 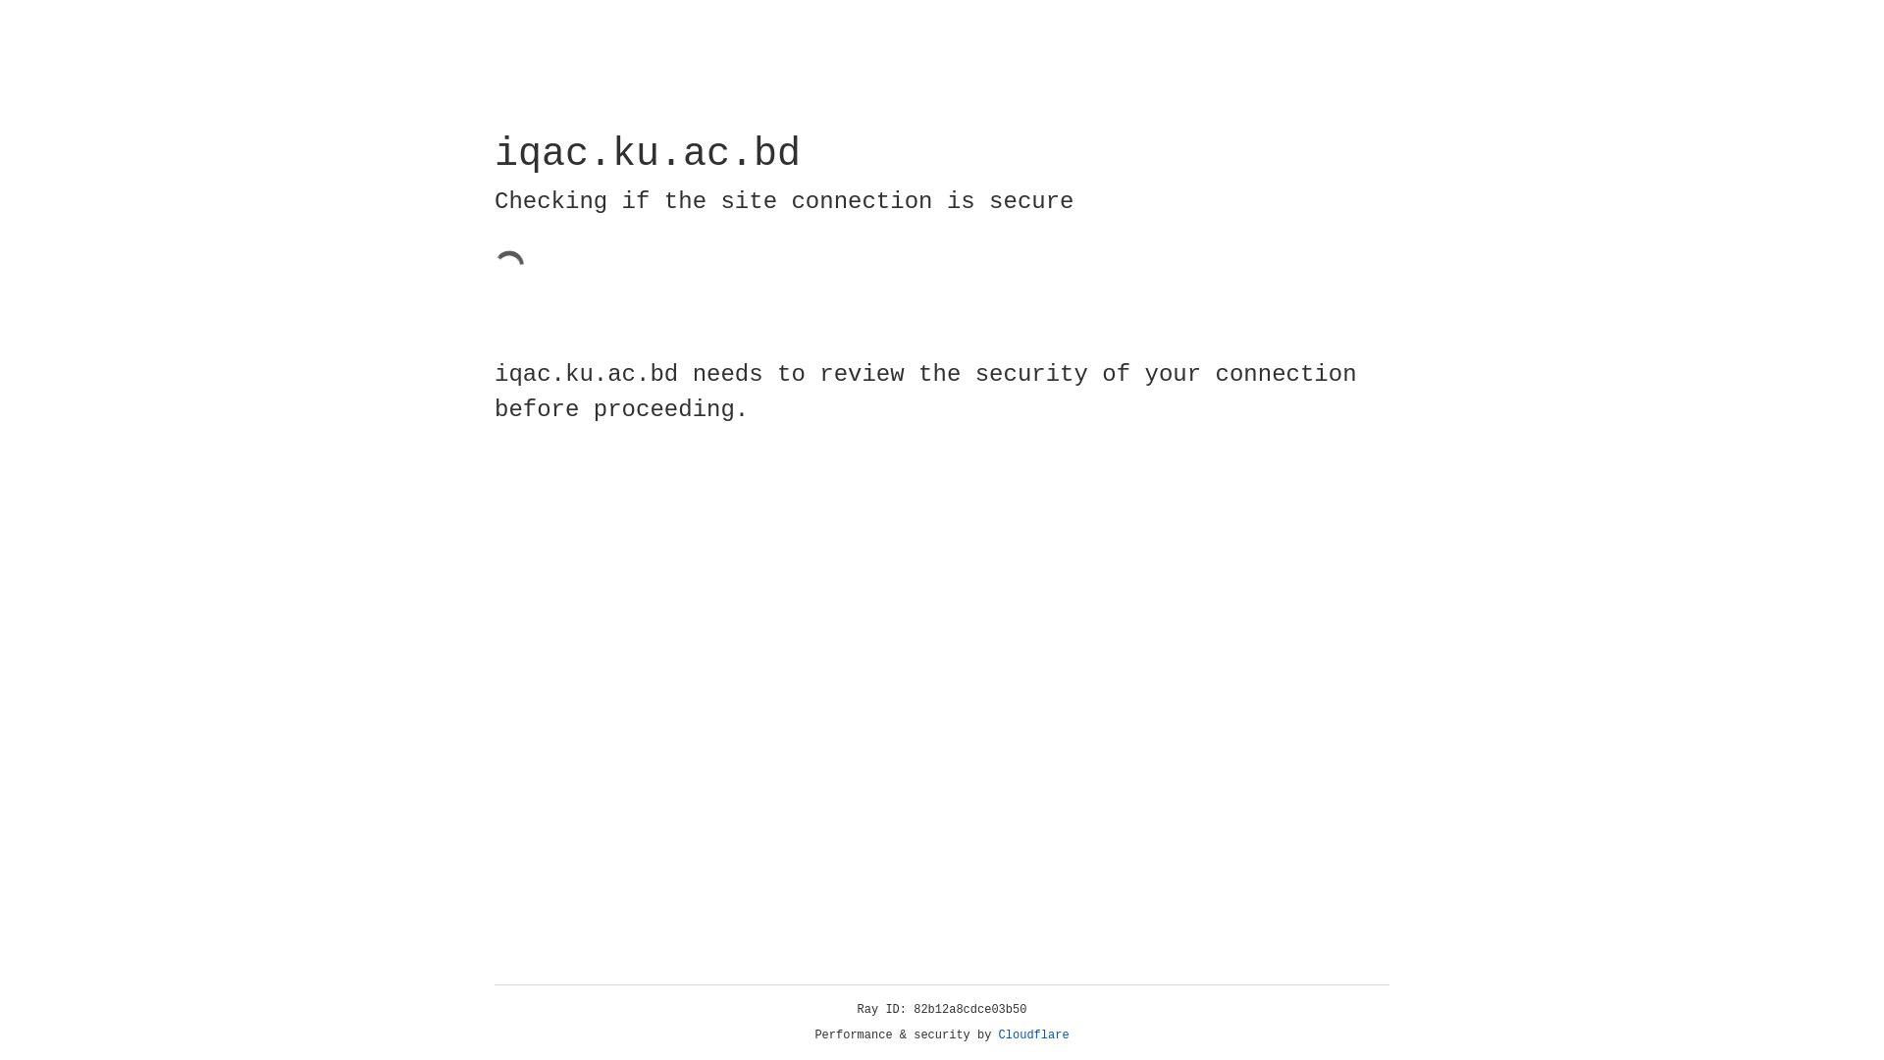 What do you see at coordinates (998, 1034) in the screenshot?
I see `'Cloudflare'` at bounding box center [998, 1034].